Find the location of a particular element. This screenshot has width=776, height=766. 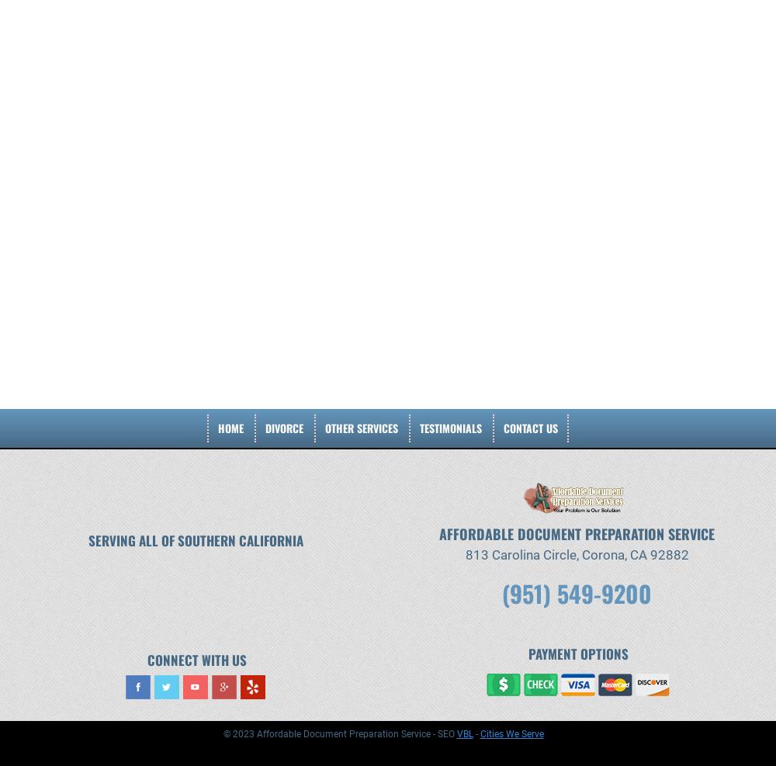

'Testimonials' is located at coordinates (450, 428).